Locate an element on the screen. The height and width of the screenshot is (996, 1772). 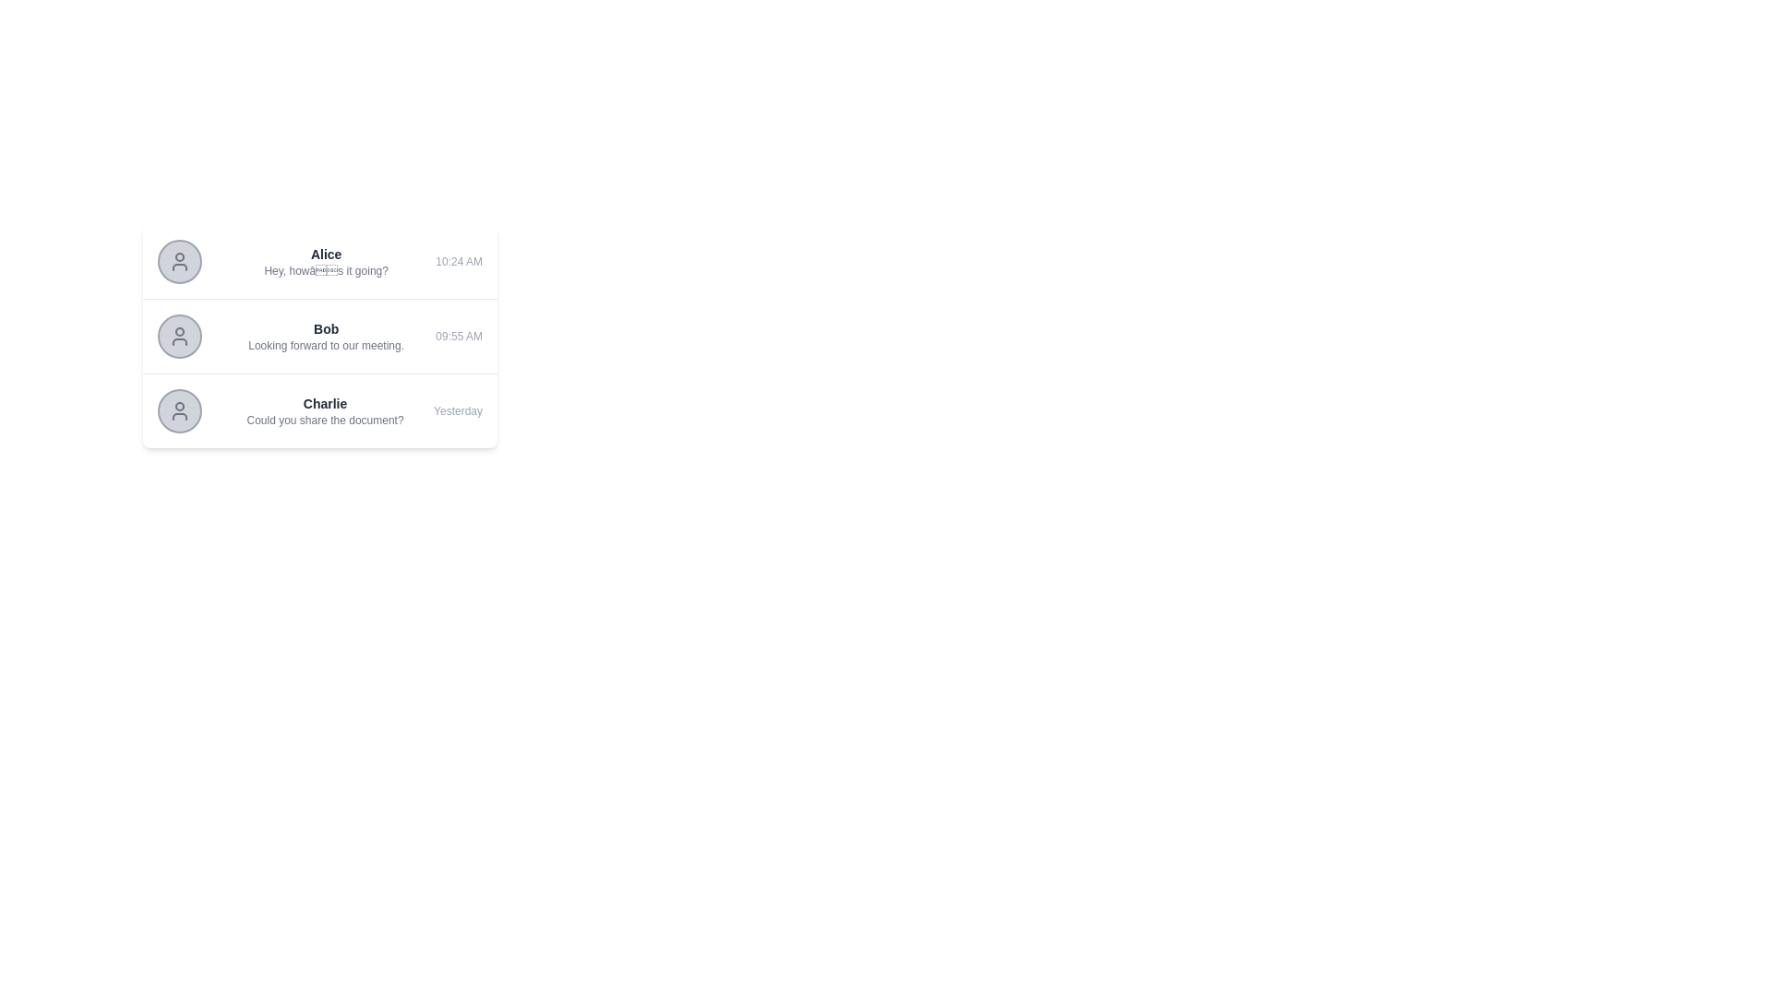
the text block displaying the user's name and their associated message preview in the messaging interface, located below the profile icon and aligned to its right is located at coordinates (326, 262).